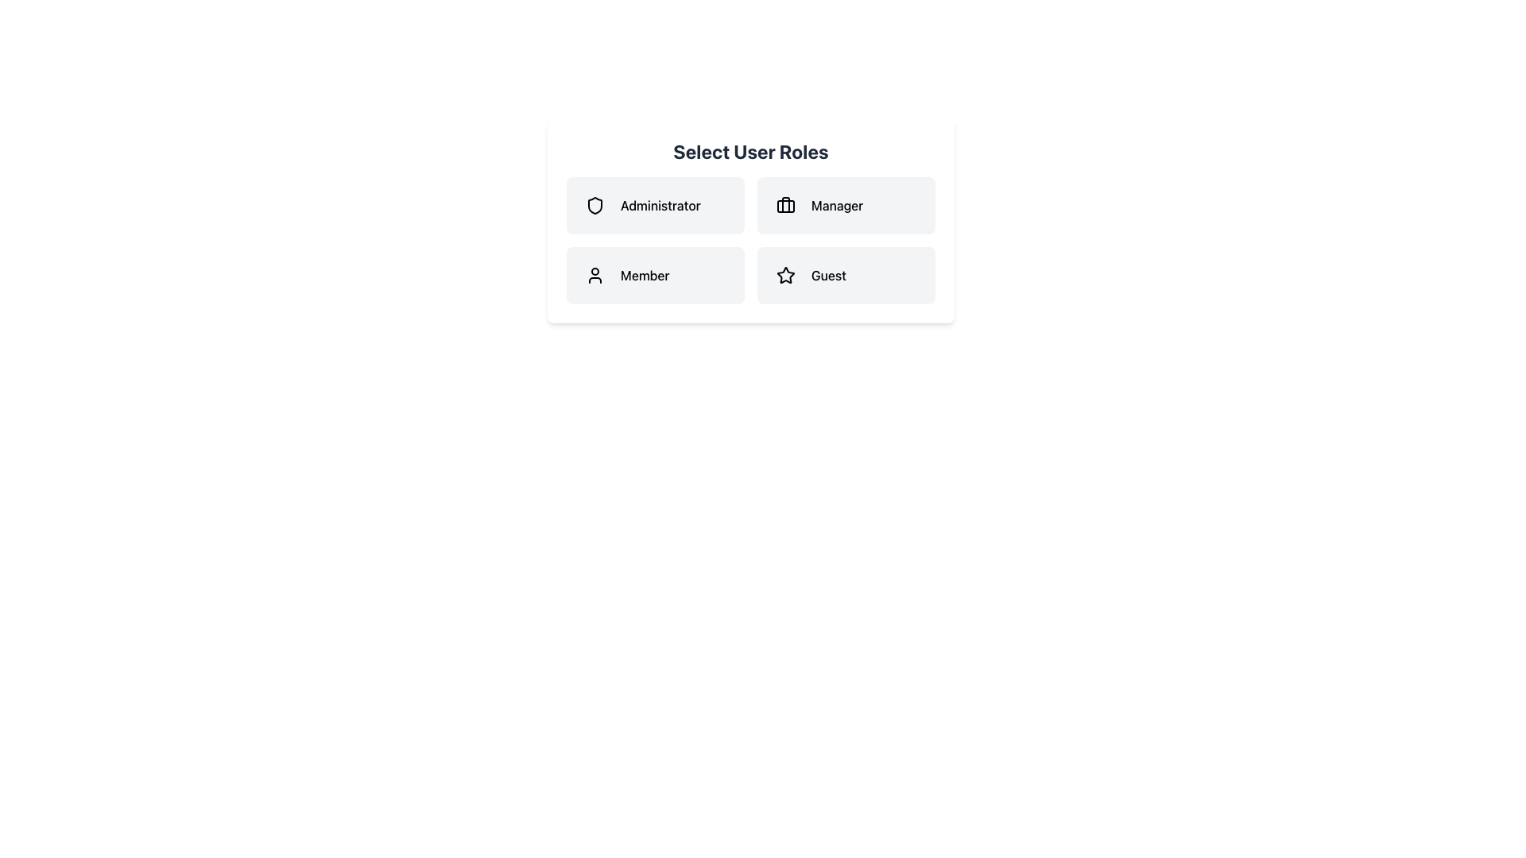  Describe the element at coordinates (594, 204) in the screenshot. I see `the shield-shaped icon outlined in black, which represents the 'Administrator' role in the 'Select User Roles' section of the interface` at that location.